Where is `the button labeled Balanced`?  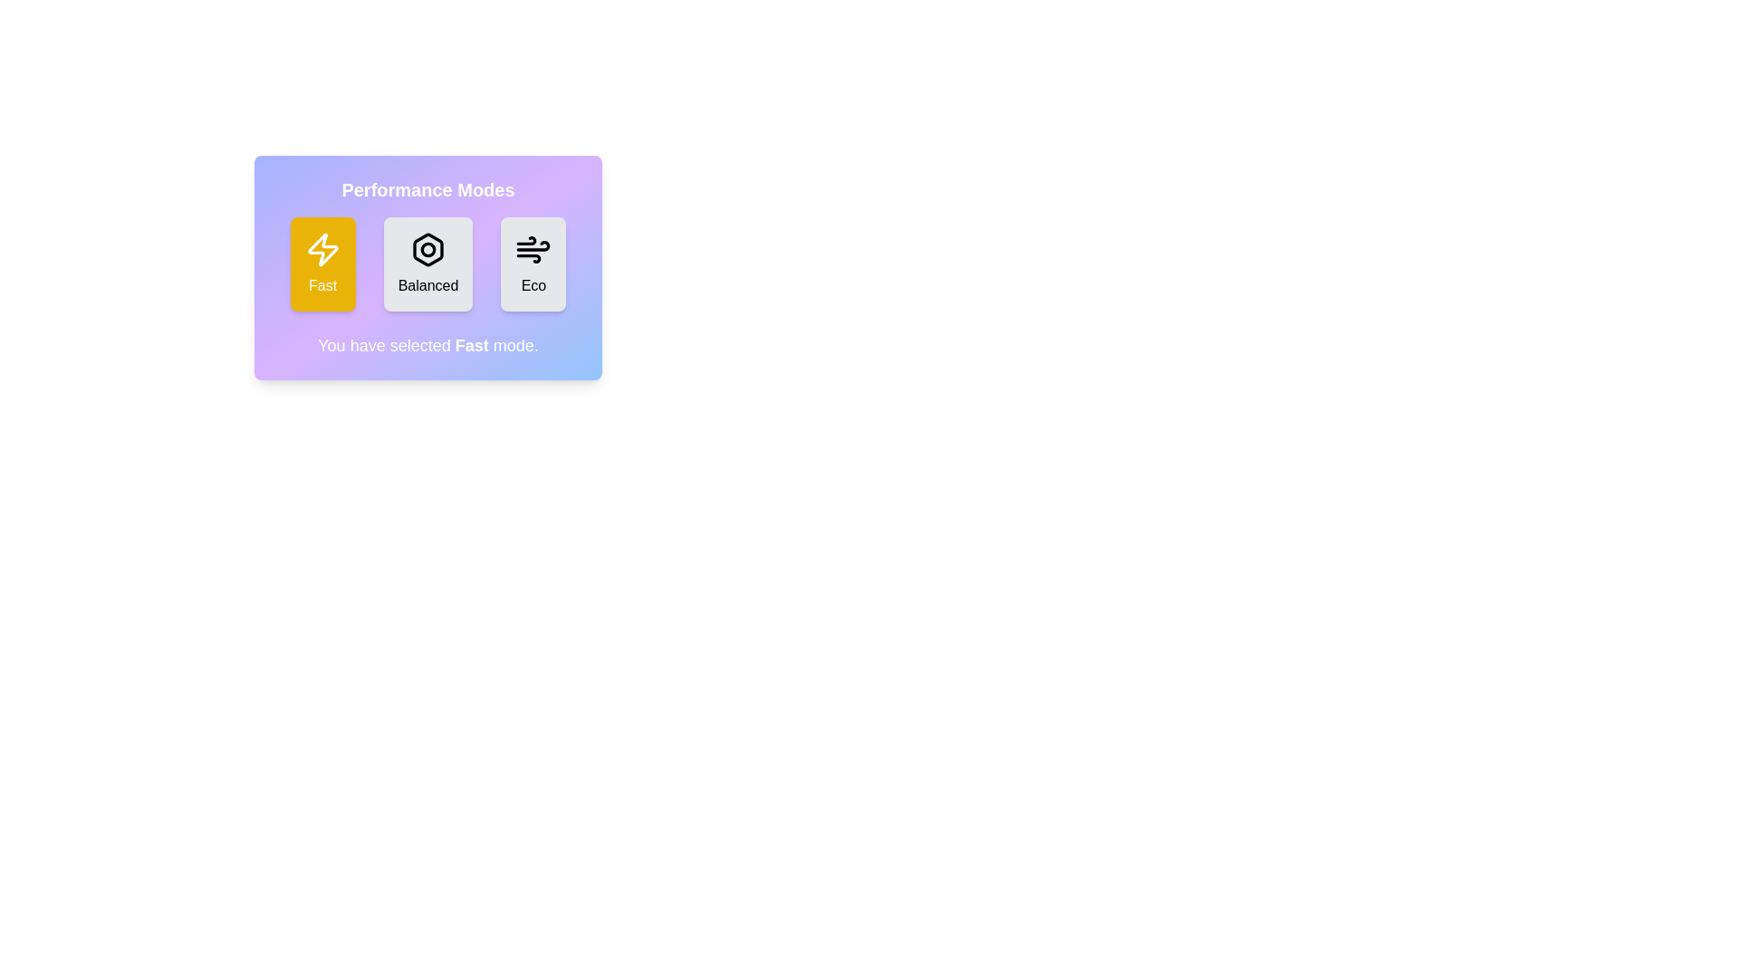 the button labeled Balanced is located at coordinates (428, 264).